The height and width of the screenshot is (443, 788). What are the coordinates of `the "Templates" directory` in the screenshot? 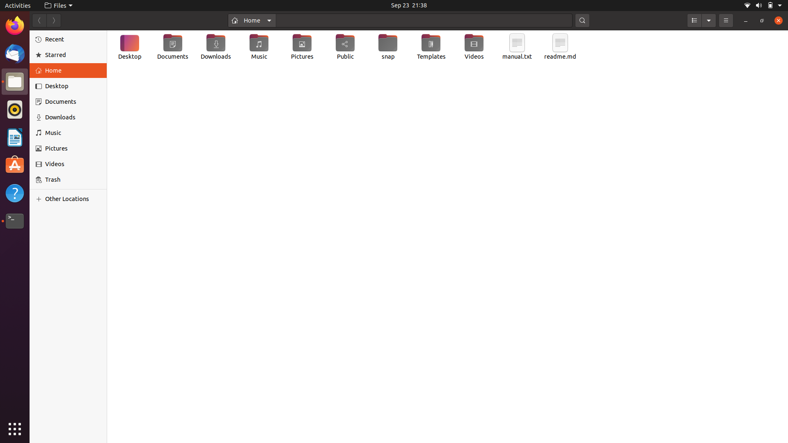 It's located at (431, 48).